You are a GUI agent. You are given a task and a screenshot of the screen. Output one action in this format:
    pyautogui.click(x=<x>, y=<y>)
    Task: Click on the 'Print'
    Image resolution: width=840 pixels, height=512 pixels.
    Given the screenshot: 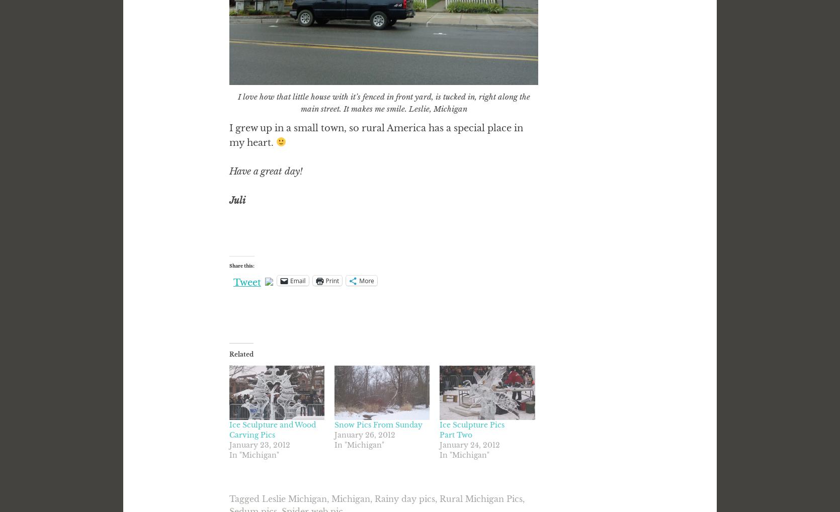 What is the action you would take?
    pyautogui.click(x=331, y=280)
    